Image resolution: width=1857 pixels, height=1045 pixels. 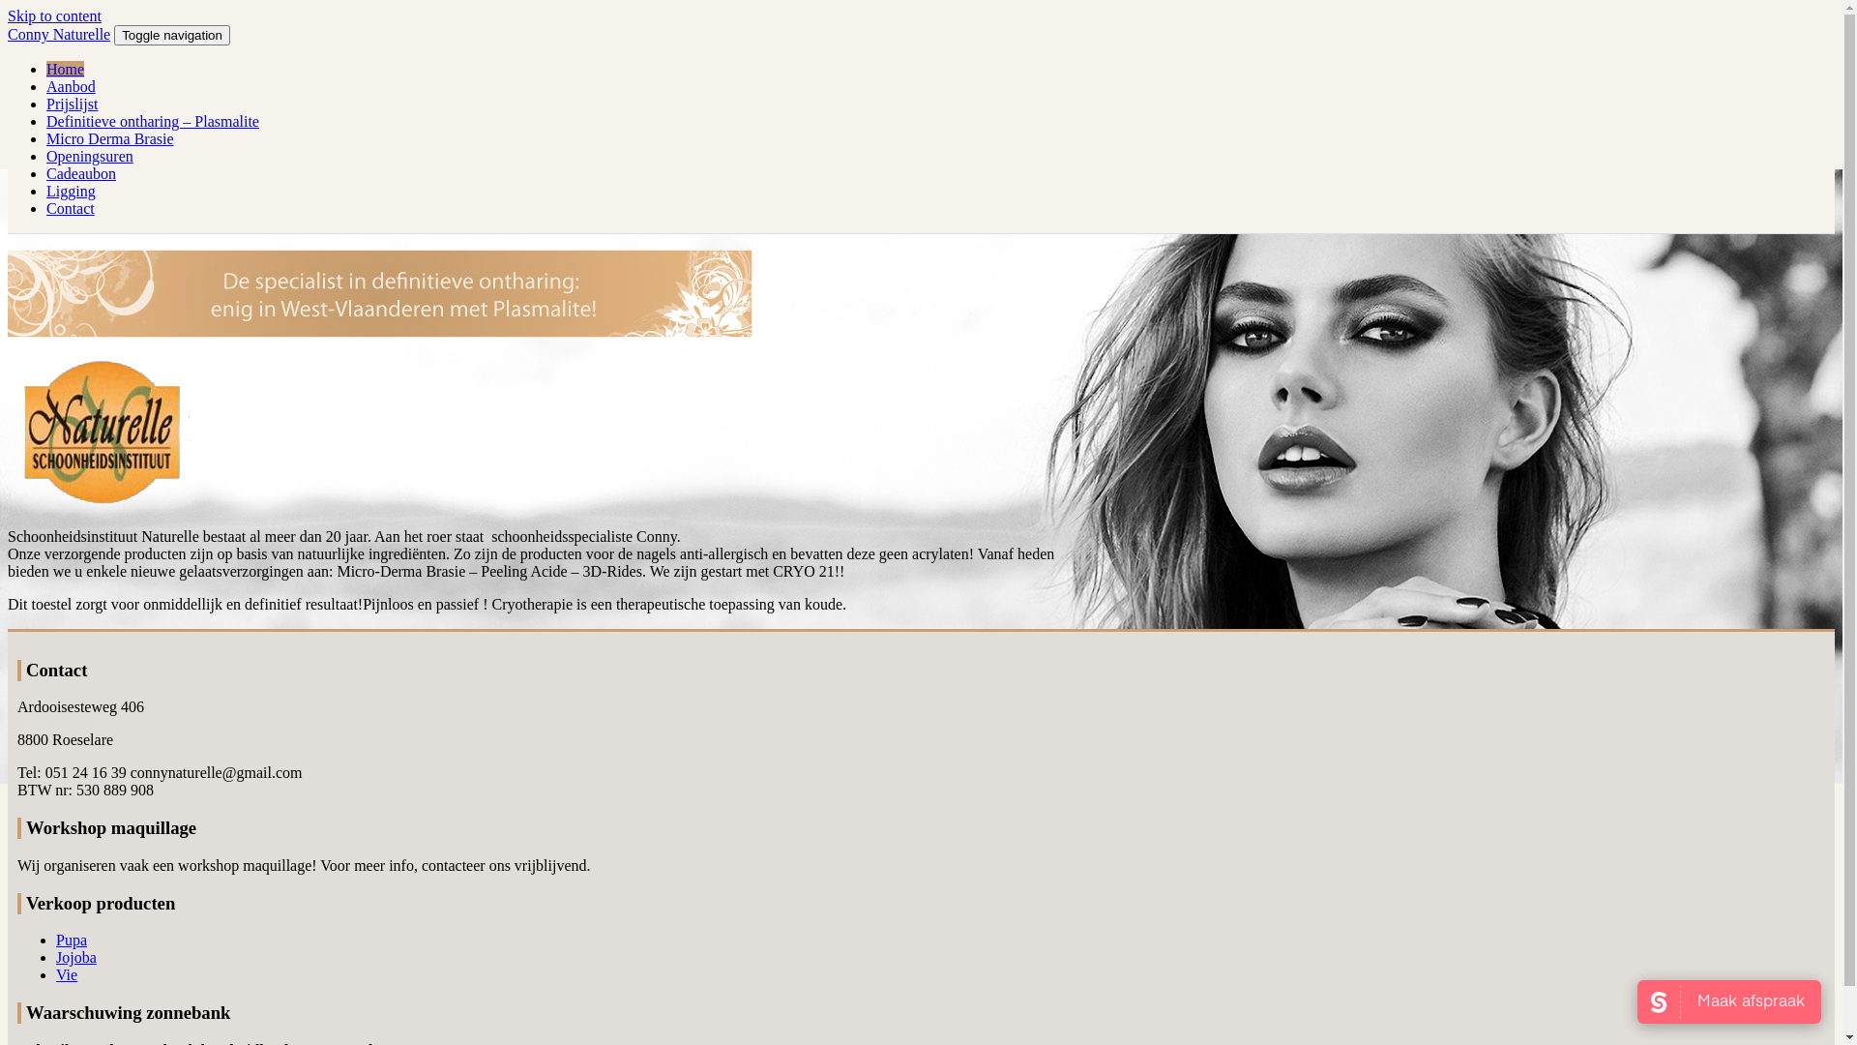 What do you see at coordinates (79, 172) in the screenshot?
I see `'Cadeaubon'` at bounding box center [79, 172].